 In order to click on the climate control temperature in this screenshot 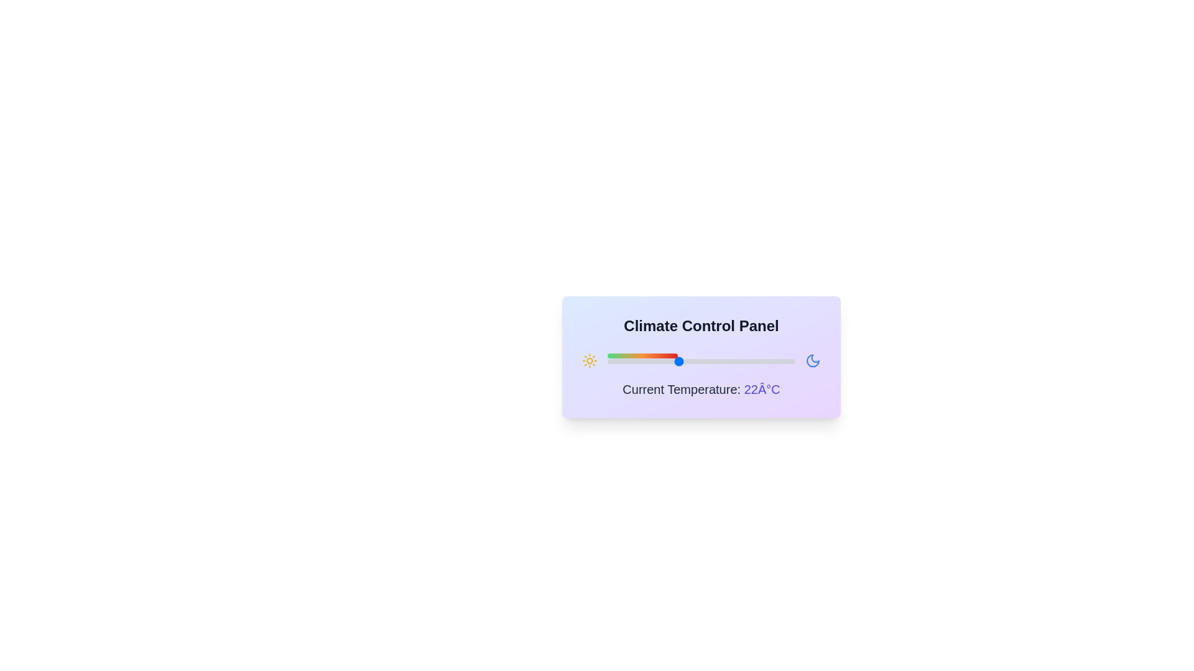, I will do `click(771, 362)`.